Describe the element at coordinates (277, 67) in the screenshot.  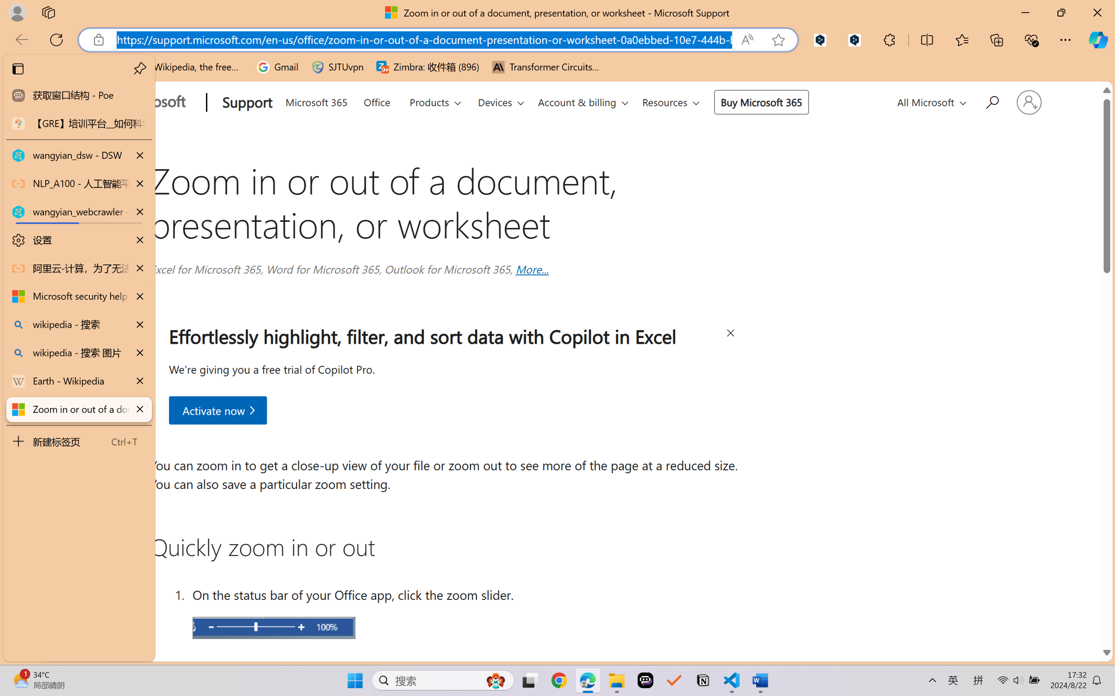
I see `'Gmail'` at that location.